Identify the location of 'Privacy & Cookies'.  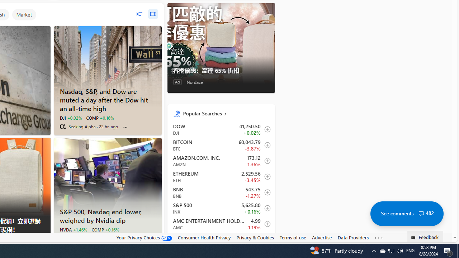
(255, 238).